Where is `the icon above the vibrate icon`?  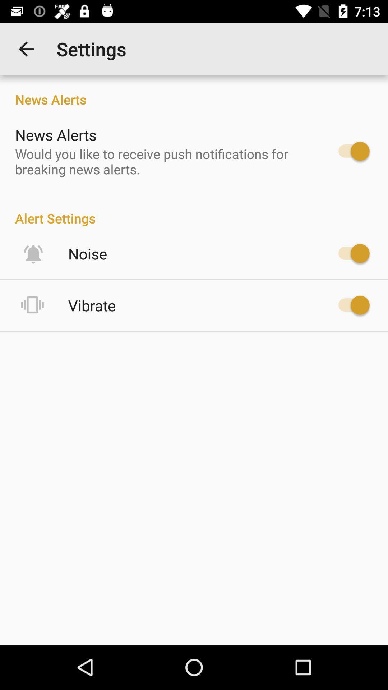
the icon above the vibrate icon is located at coordinates (87, 253).